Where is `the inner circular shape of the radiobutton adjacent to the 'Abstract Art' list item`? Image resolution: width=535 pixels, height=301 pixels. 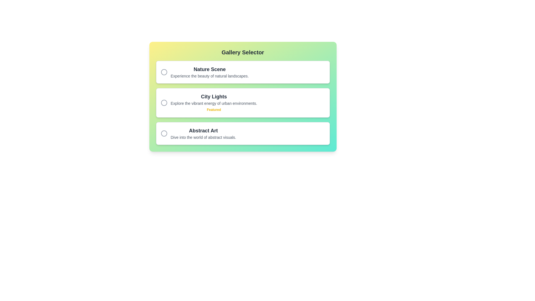
the inner circular shape of the radiobutton adjacent to the 'Abstract Art' list item is located at coordinates (164, 133).